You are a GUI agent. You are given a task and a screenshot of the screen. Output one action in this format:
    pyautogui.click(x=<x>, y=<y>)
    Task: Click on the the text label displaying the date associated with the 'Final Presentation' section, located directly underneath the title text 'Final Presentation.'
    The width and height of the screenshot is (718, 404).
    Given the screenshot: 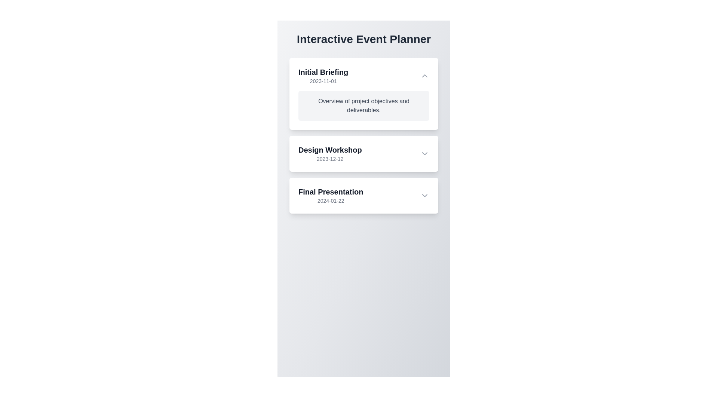 What is the action you would take?
    pyautogui.click(x=330, y=200)
    